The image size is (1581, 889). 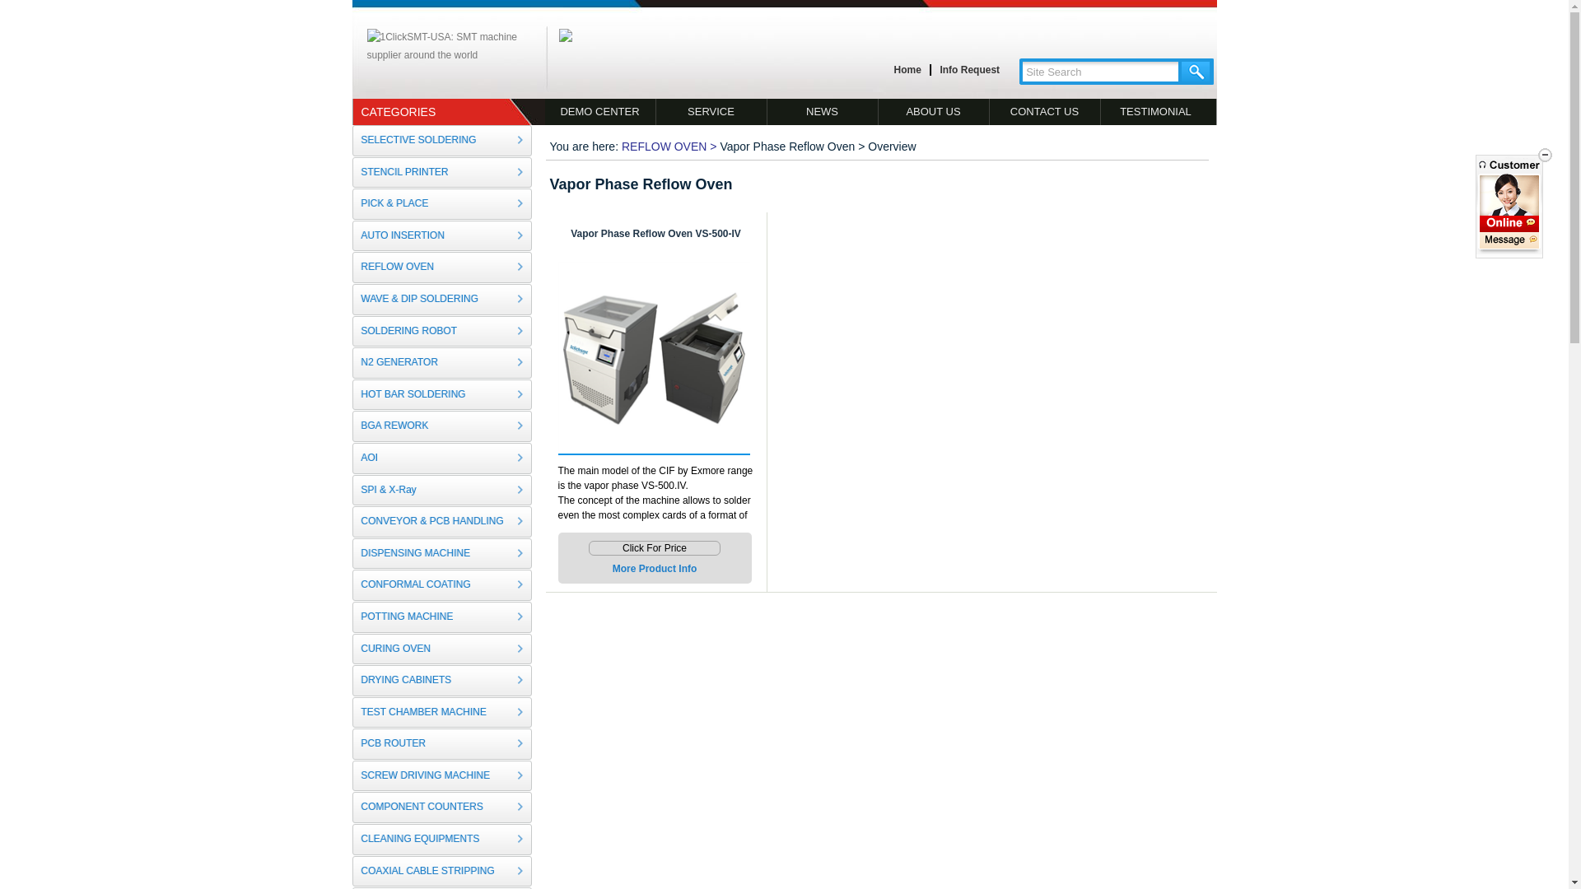 What do you see at coordinates (612, 567) in the screenshot?
I see `'More Product Info'` at bounding box center [612, 567].